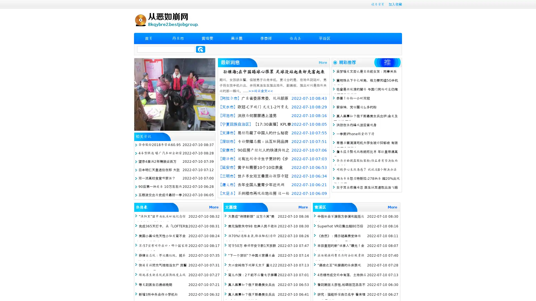  What do you see at coordinates (200, 49) in the screenshot?
I see `Search` at bounding box center [200, 49].